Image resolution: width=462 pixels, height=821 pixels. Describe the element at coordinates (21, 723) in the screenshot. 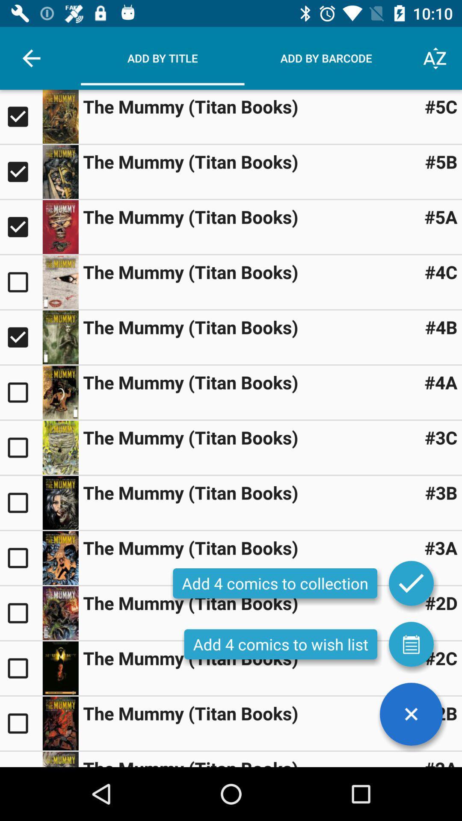

I see `check item` at that location.